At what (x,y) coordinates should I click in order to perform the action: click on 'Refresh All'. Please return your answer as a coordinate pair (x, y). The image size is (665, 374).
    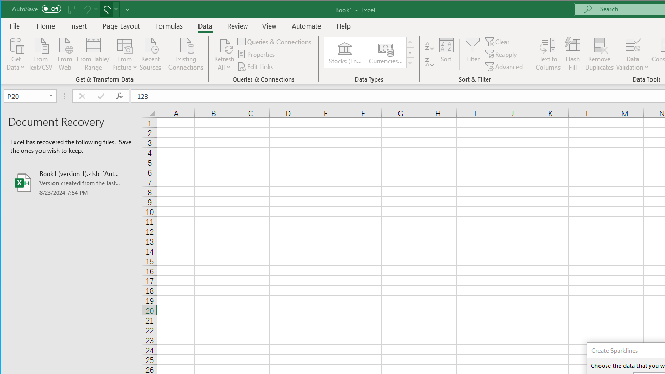
    Looking at the image, I should click on (224, 44).